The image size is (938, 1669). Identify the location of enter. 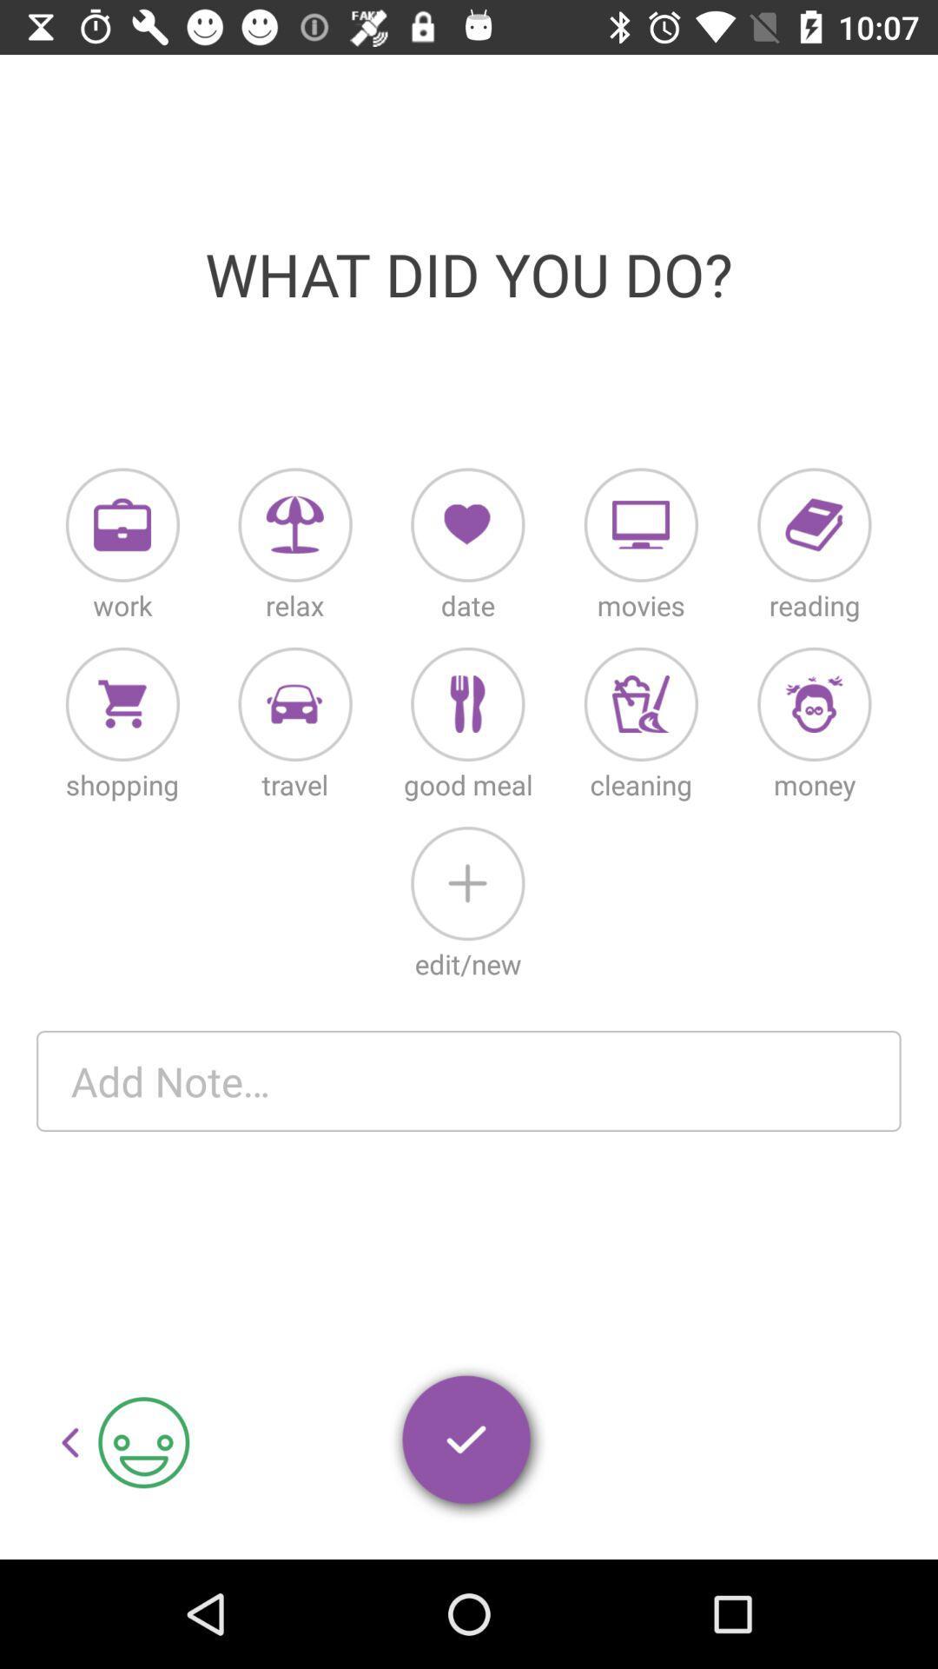
(467, 1443).